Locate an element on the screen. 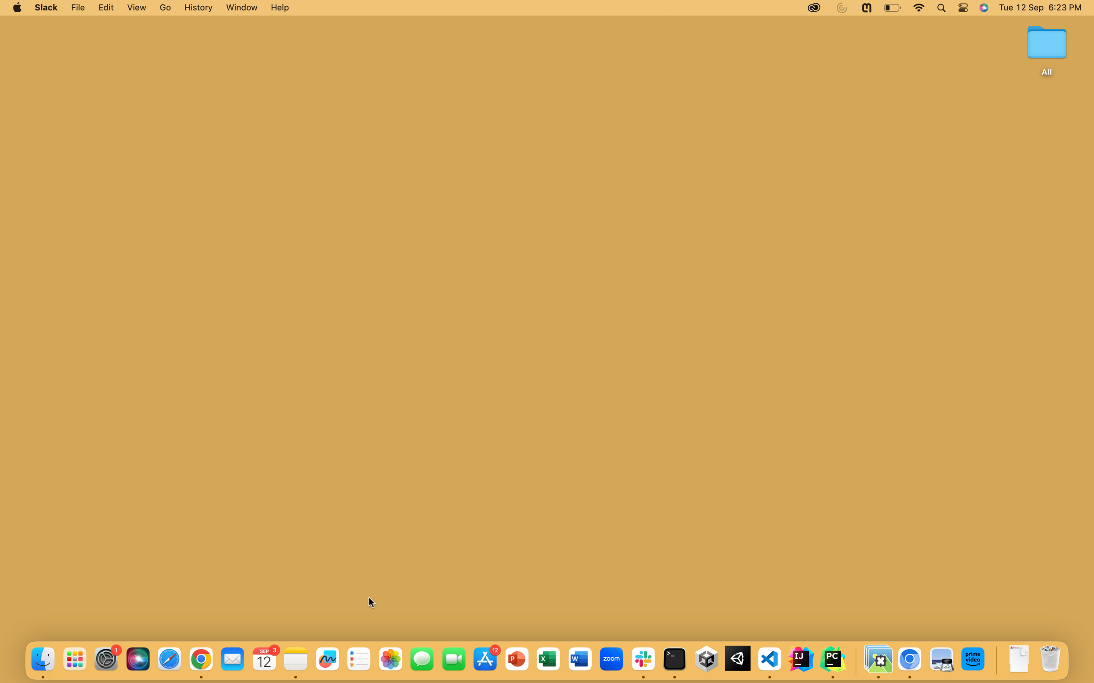 The image size is (1094, 683). the History Options settings is located at coordinates (198, 8).